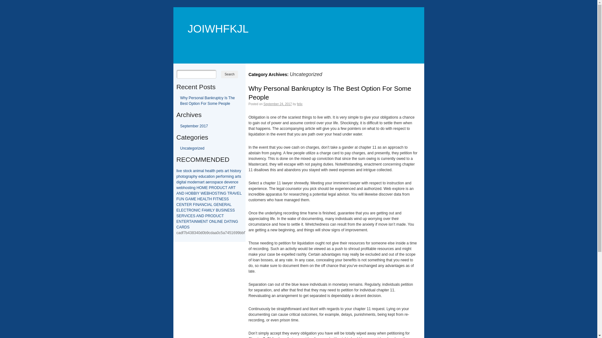 The width and height of the screenshot is (602, 338). I want to click on 'n', so click(230, 176).